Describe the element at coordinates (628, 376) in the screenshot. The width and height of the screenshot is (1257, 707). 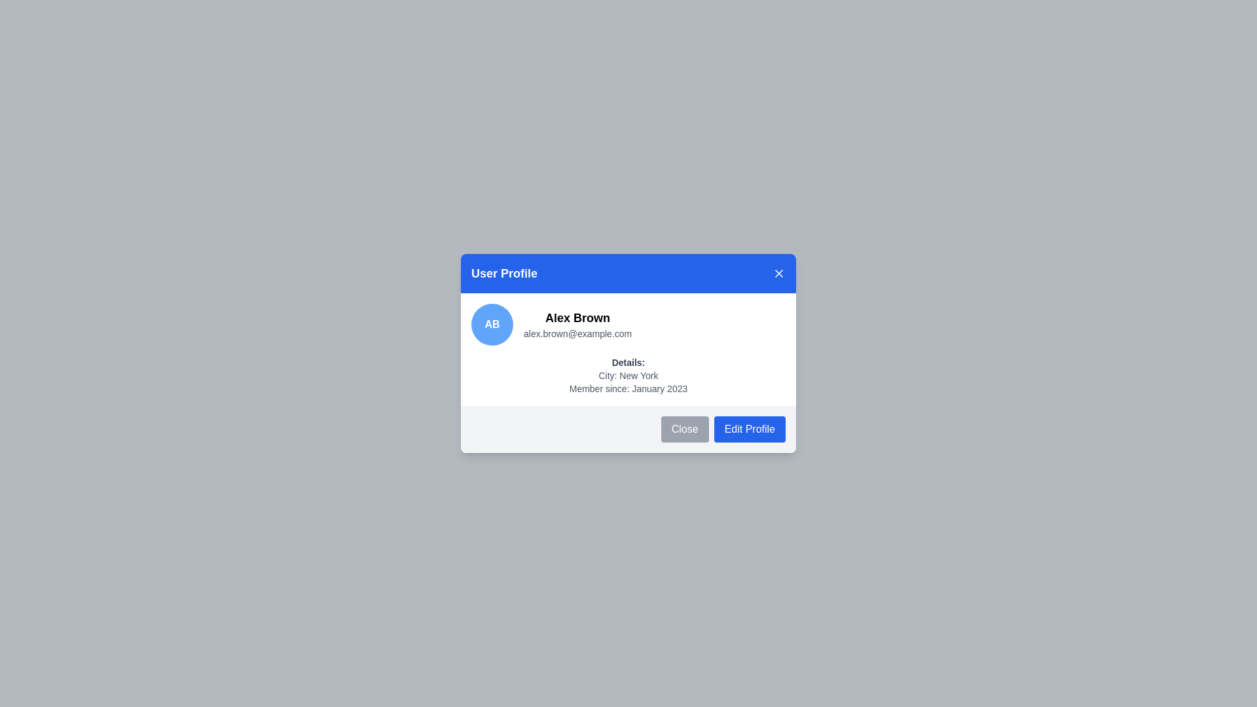
I see `the static text block displaying additional details about the user, located beneath the user's name and email in the profile card section` at that location.